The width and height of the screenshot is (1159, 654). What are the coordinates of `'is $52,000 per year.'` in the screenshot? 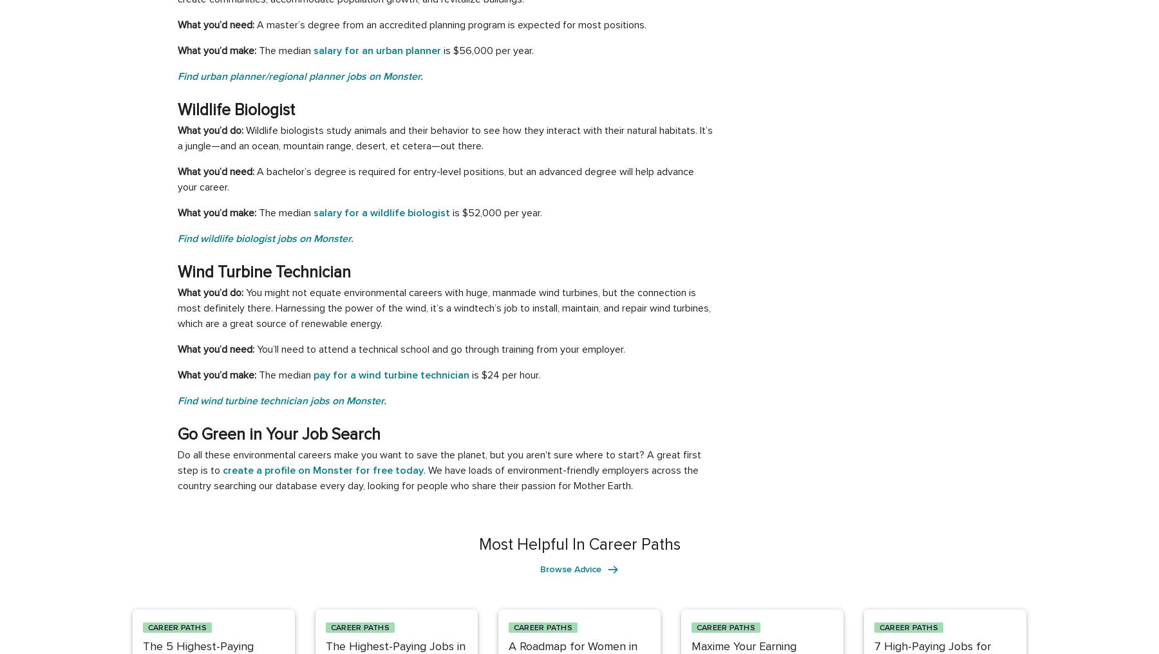 It's located at (495, 213).